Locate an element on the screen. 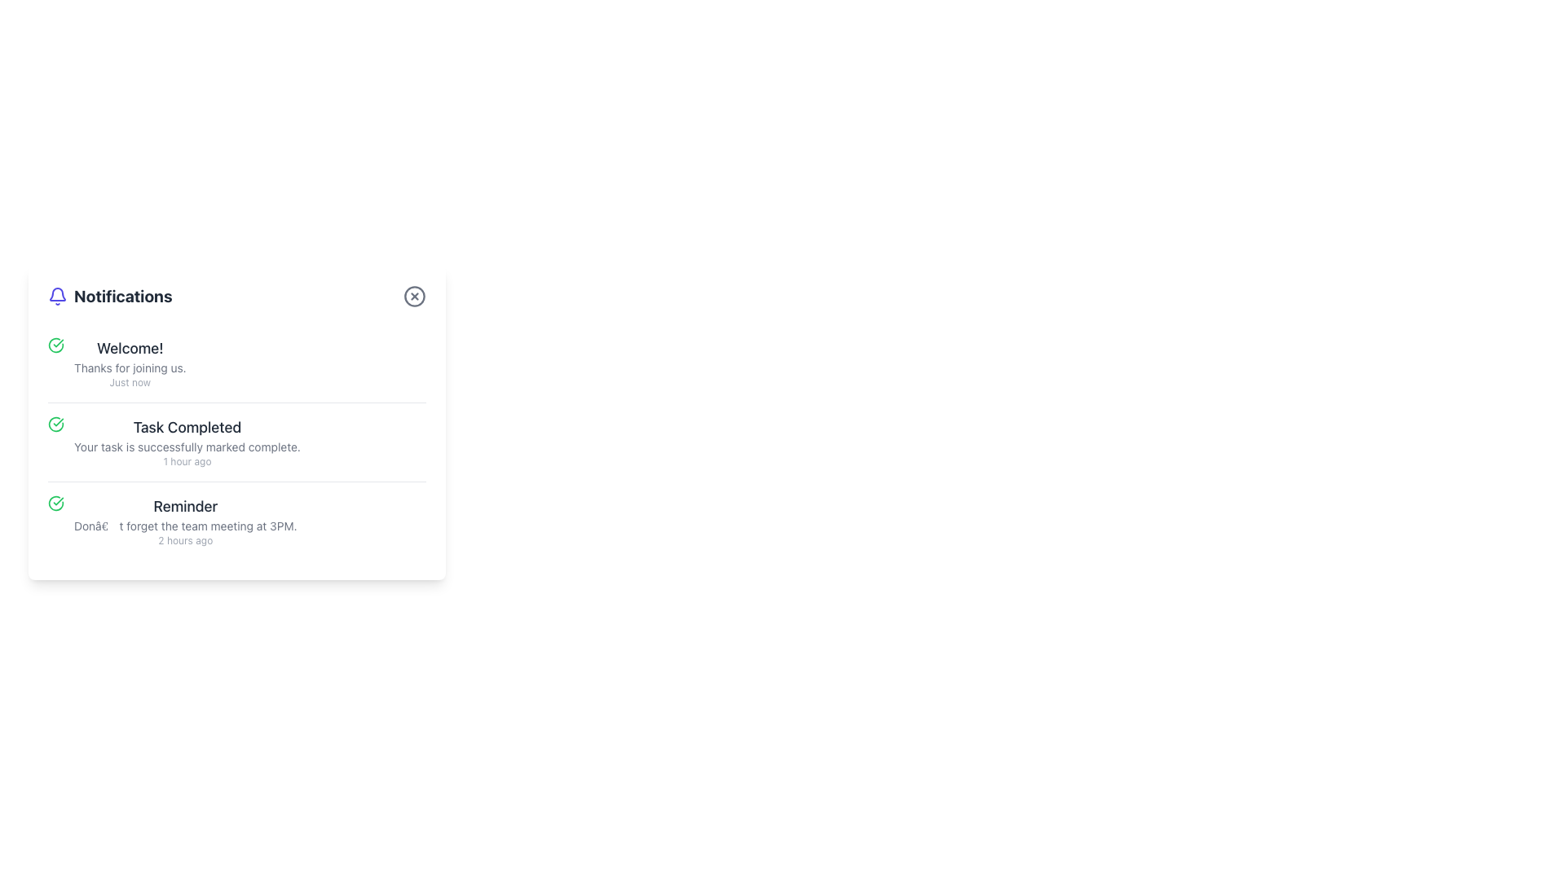 Image resolution: width=1565 pixels, height=880 pixels. the text label that reads '1 hour ago', which is styled in a small font size and light gray color, located at the bottom of the notification entry titled 'Task Completed' is located at coordinates (187, 462).